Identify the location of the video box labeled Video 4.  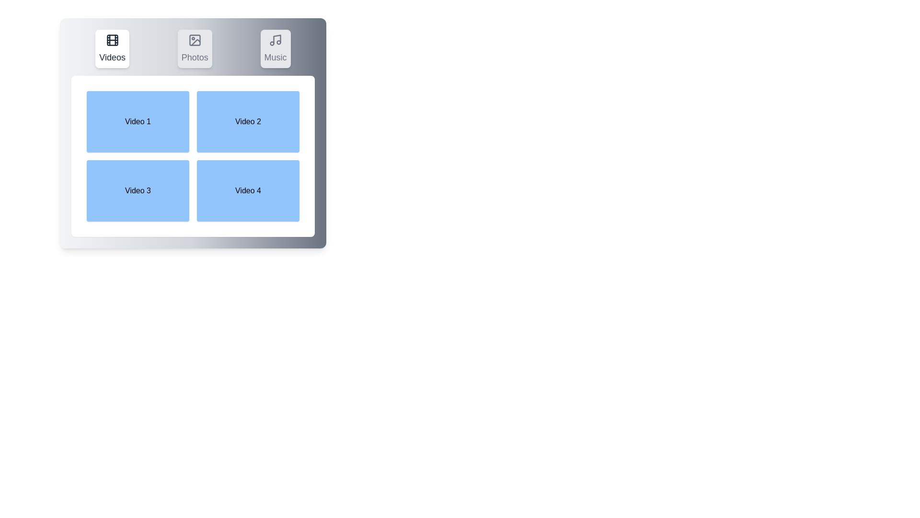
(248, 190).